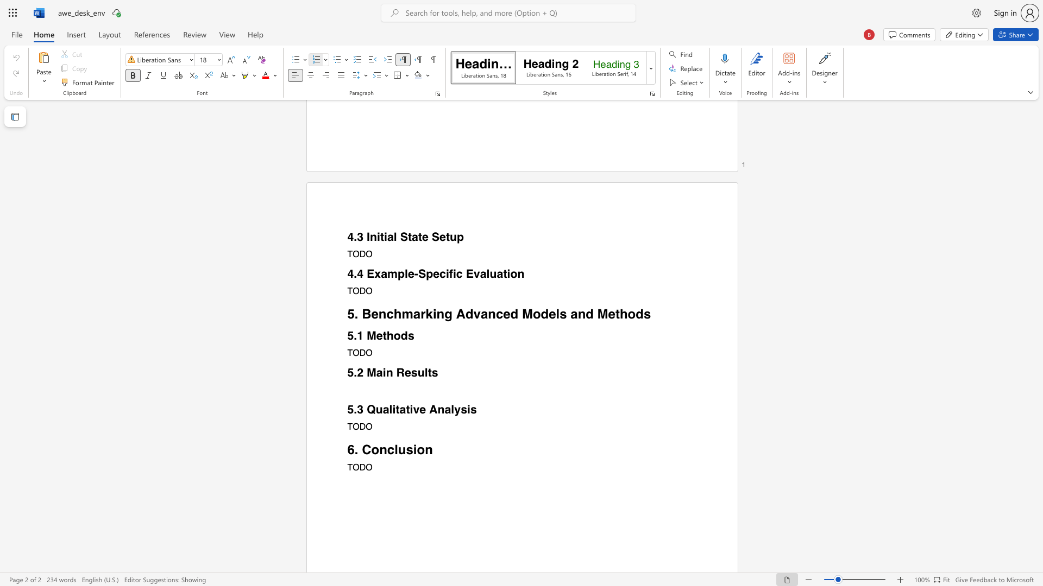 This screenshot has height=586, width=1043. I want to click on the 1th character "5" in the text, so click(350, 410).